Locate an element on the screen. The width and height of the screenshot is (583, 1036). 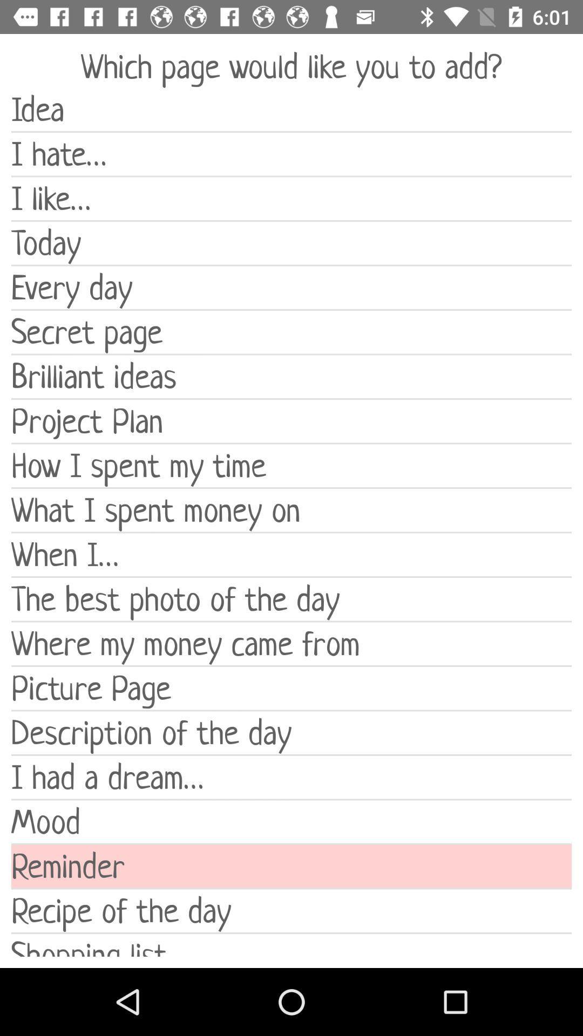
the idea is located at coordinates (291, 110).